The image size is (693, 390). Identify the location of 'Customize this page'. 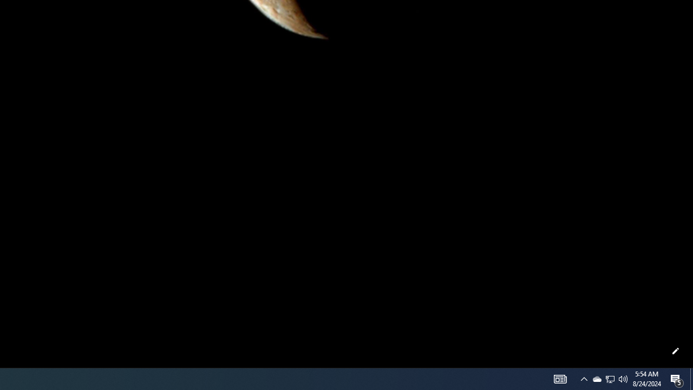
(675, 351).